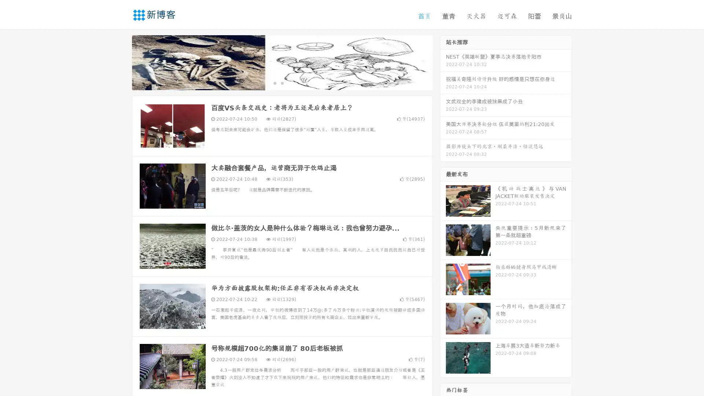 Image resolution: width=704 pixels, height=396 pixels. What do you see at coordinates (274, 82) in the screenshot?
I see `Go to slide 1` at bounding box center [274, 82].